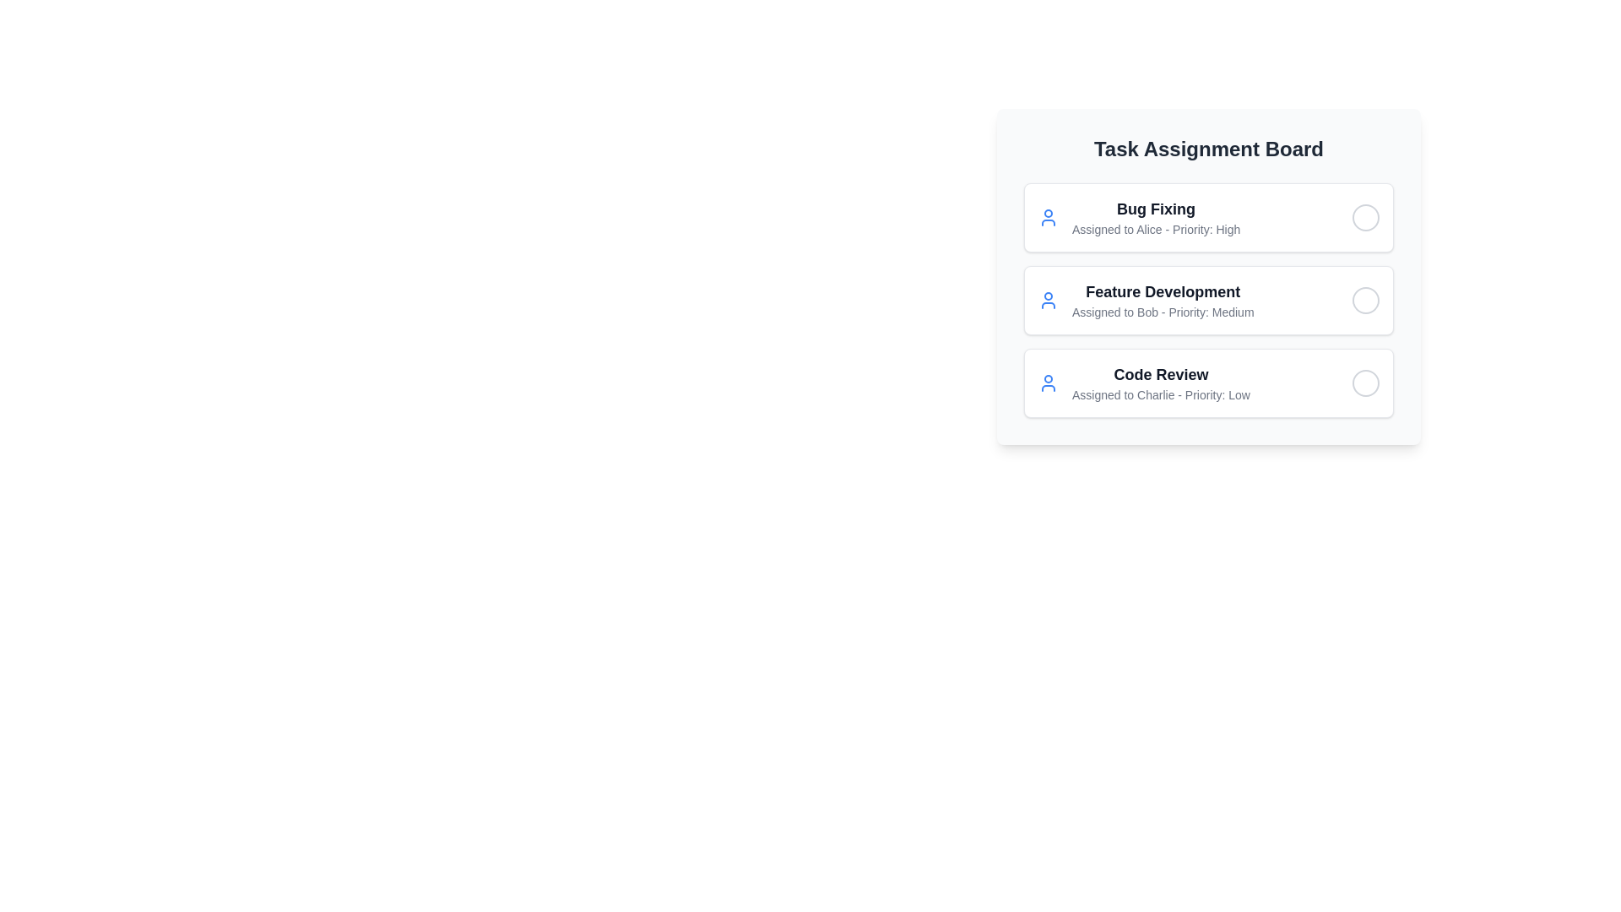  I want to click on the interactive button located in the top right corner of the task card labeled 'Bug Fixing - Assigned to Alice - Priority: High' on the 'Task Assignment Board', so click(1365, 217).